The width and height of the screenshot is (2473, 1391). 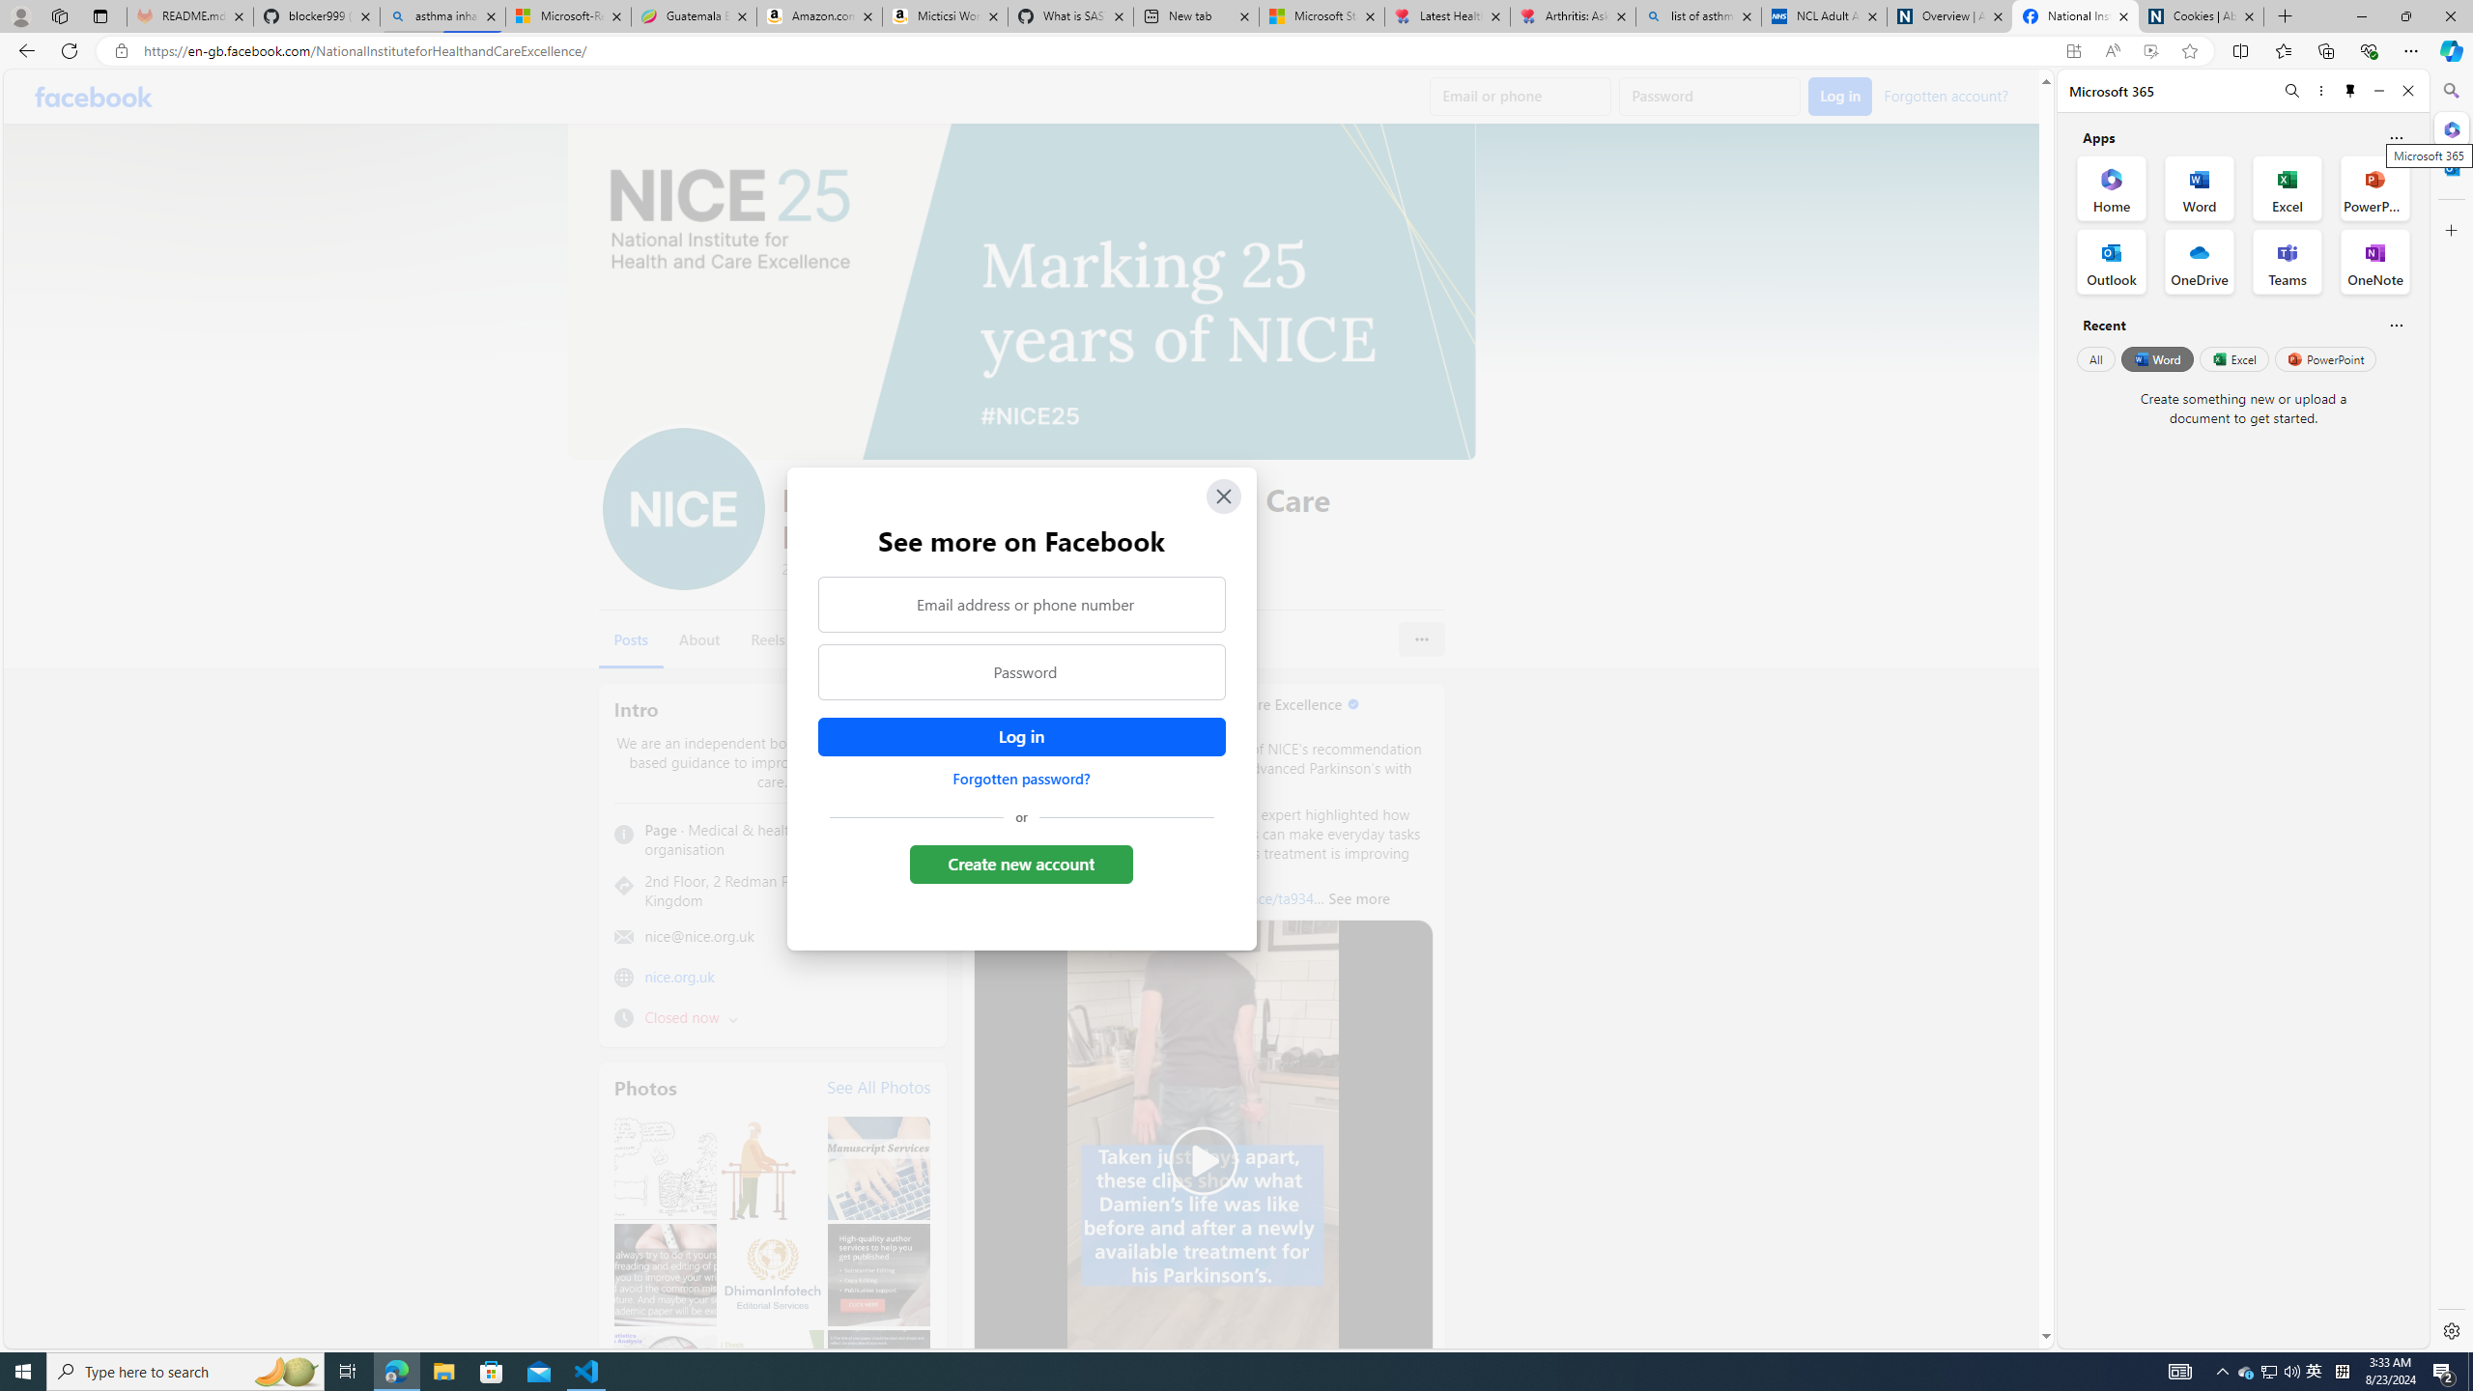 I want to click on 'Excel Office App', so click(x=2288, y=188).